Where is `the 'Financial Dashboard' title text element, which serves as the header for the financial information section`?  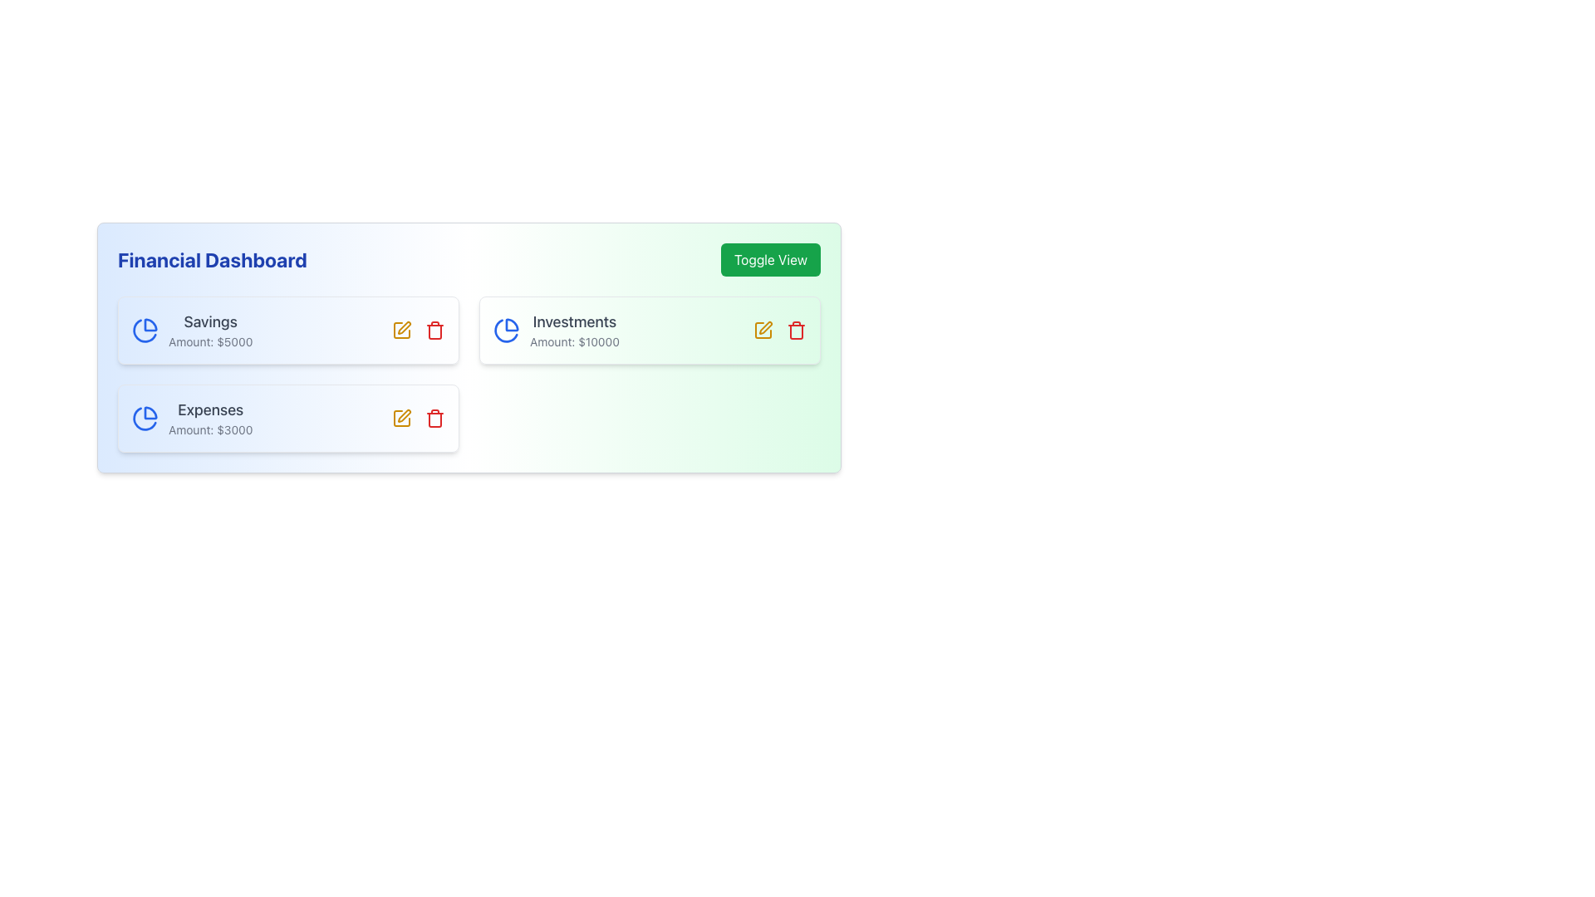 the 'Financial Dashboard' title text element, which serves as the header for the financial information section is located at coordinates (211, 259).